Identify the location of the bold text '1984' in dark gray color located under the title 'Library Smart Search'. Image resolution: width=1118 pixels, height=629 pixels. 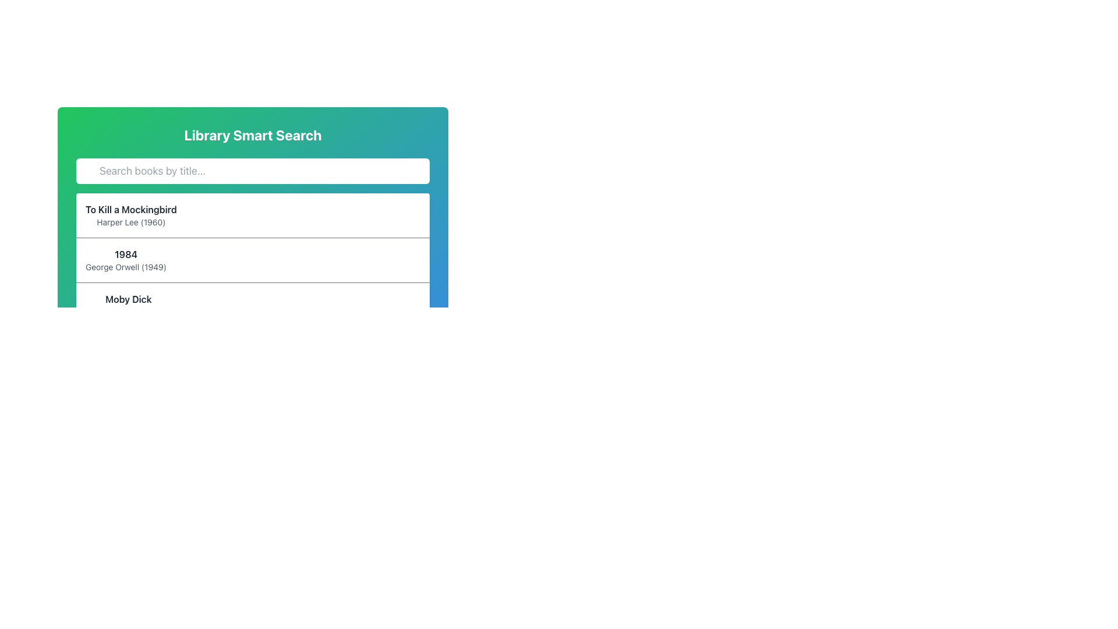
(126, 253).